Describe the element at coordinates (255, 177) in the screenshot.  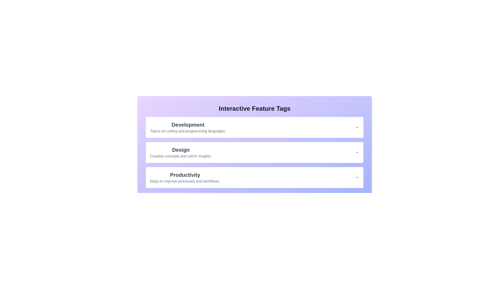
I see `the 'Productivity' dropdown menu` at that location.